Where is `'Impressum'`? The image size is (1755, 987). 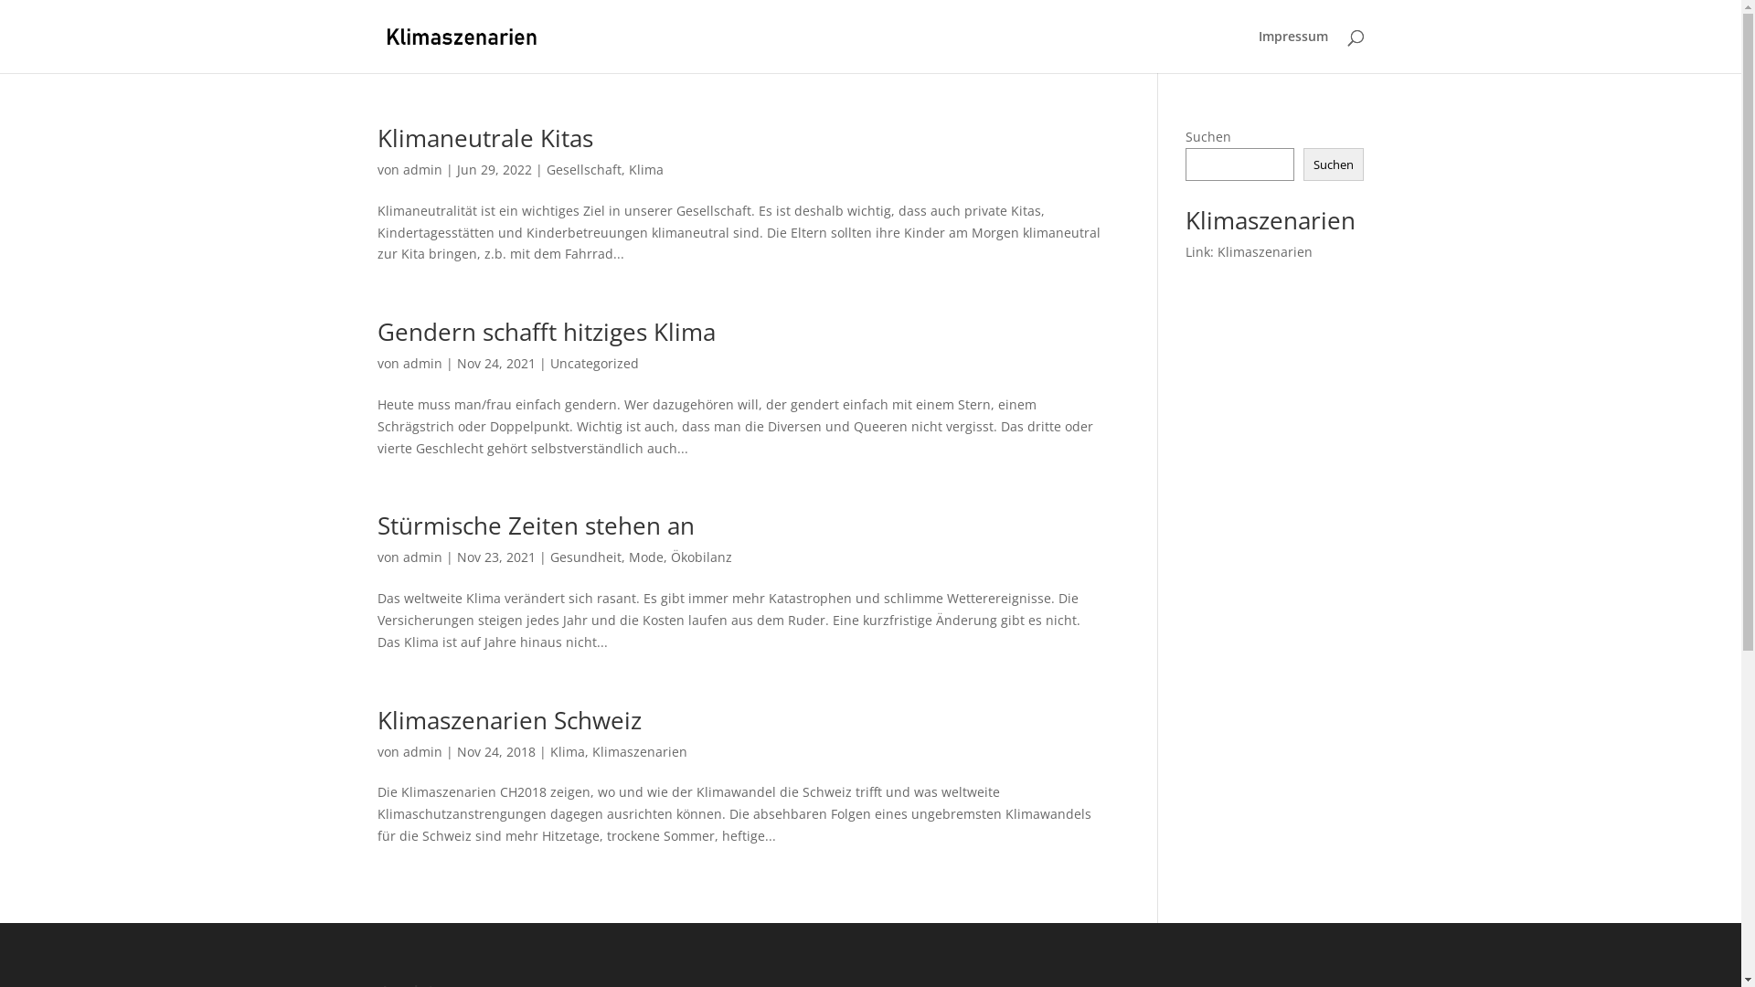 'Impressum' is located at coordinates (1292, 50).